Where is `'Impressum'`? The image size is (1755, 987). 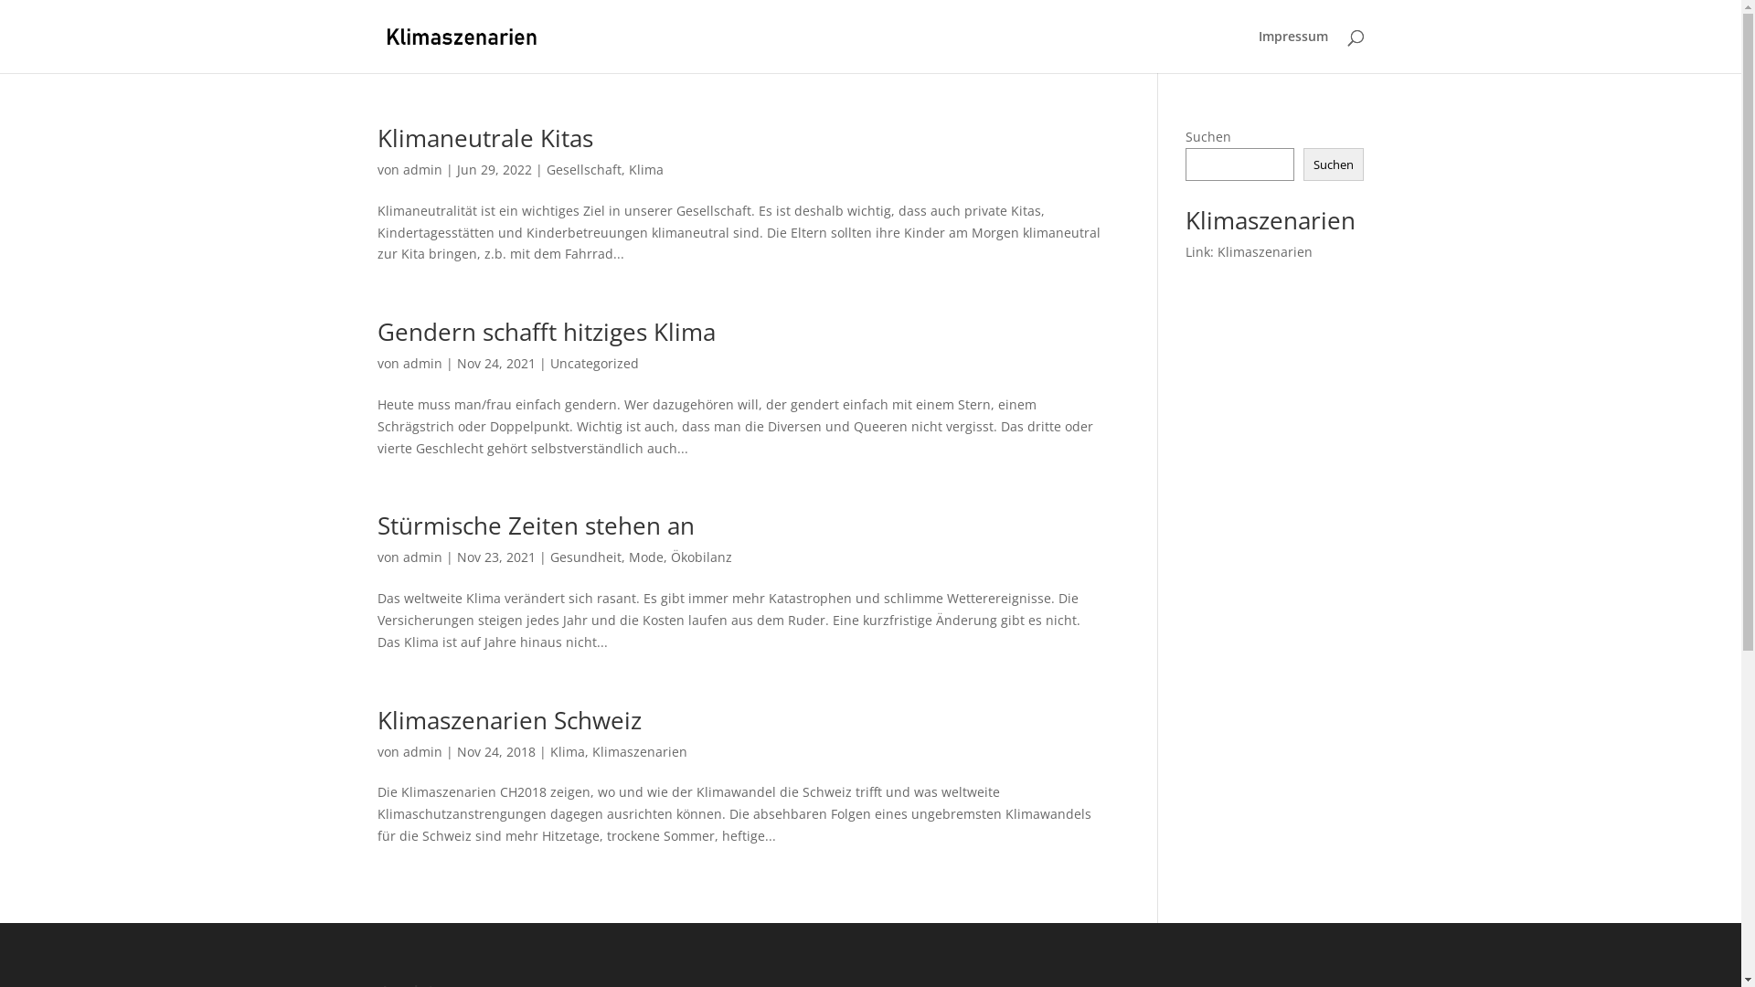 'Impressum' is located at coordinates (1292, 50).